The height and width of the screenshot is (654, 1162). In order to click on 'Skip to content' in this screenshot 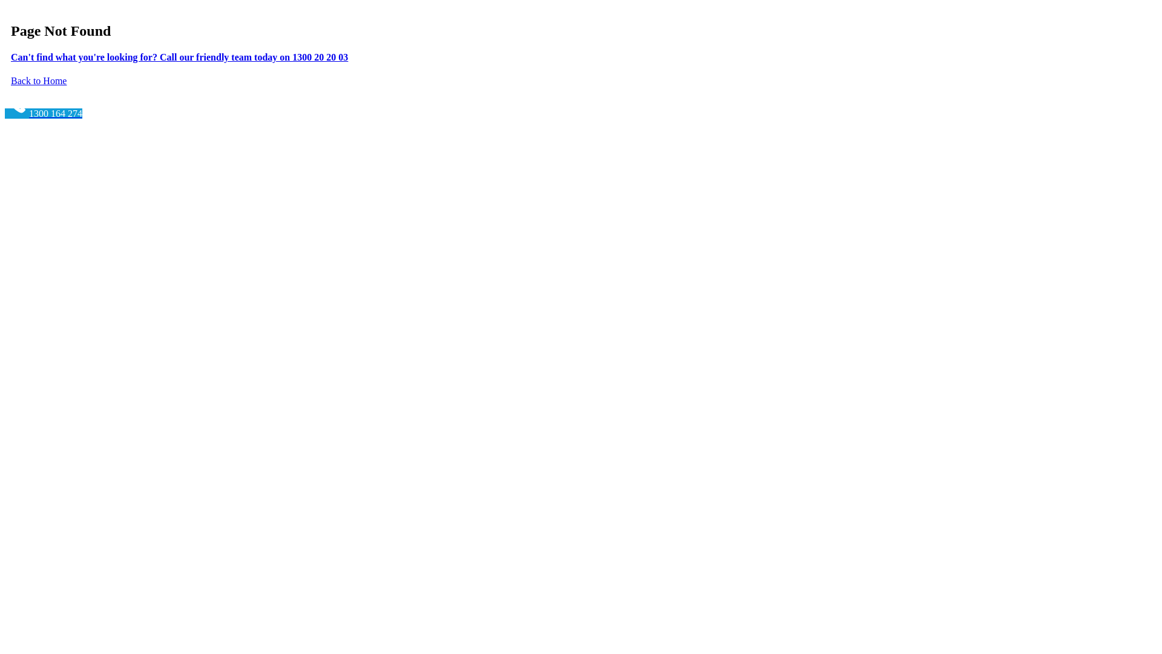, I will do `click(4, 4)`.